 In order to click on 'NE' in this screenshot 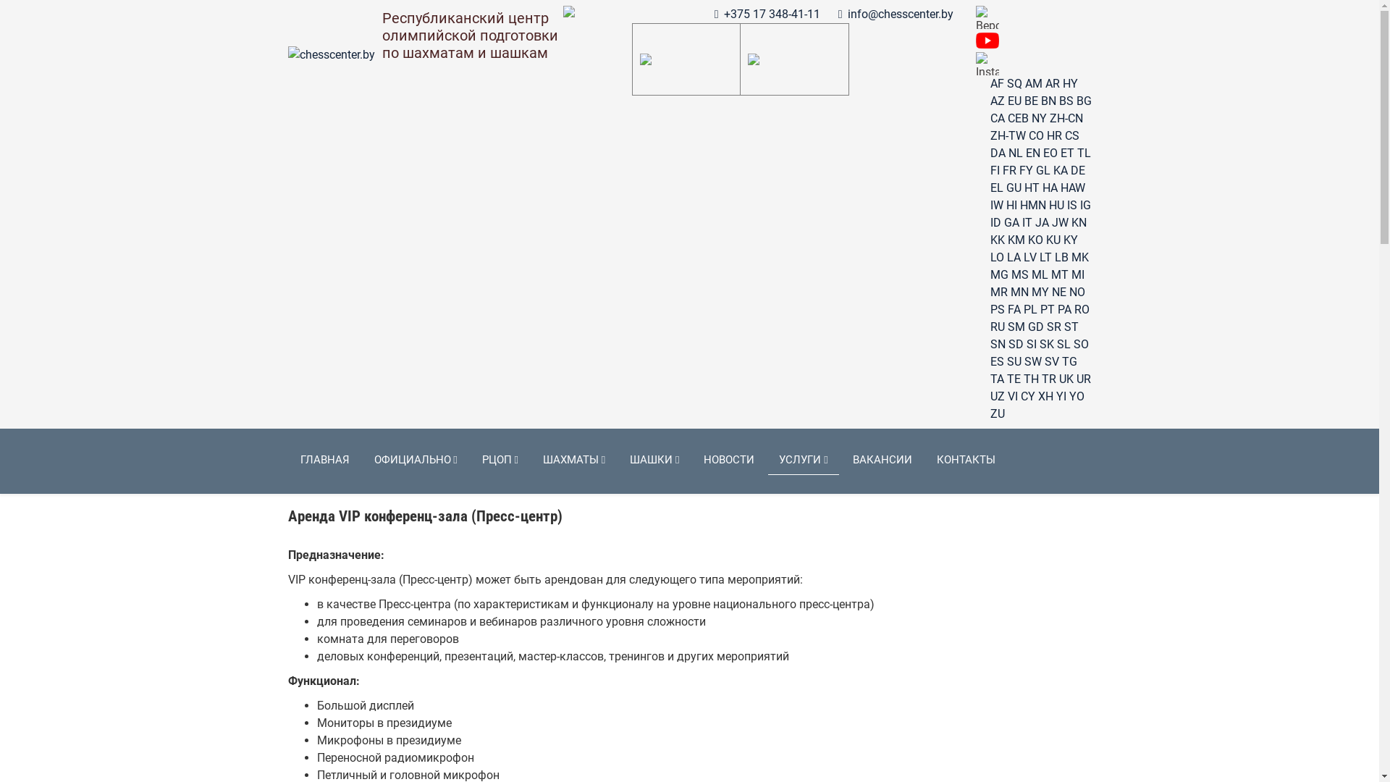, I will do `click(1050, 292)`.